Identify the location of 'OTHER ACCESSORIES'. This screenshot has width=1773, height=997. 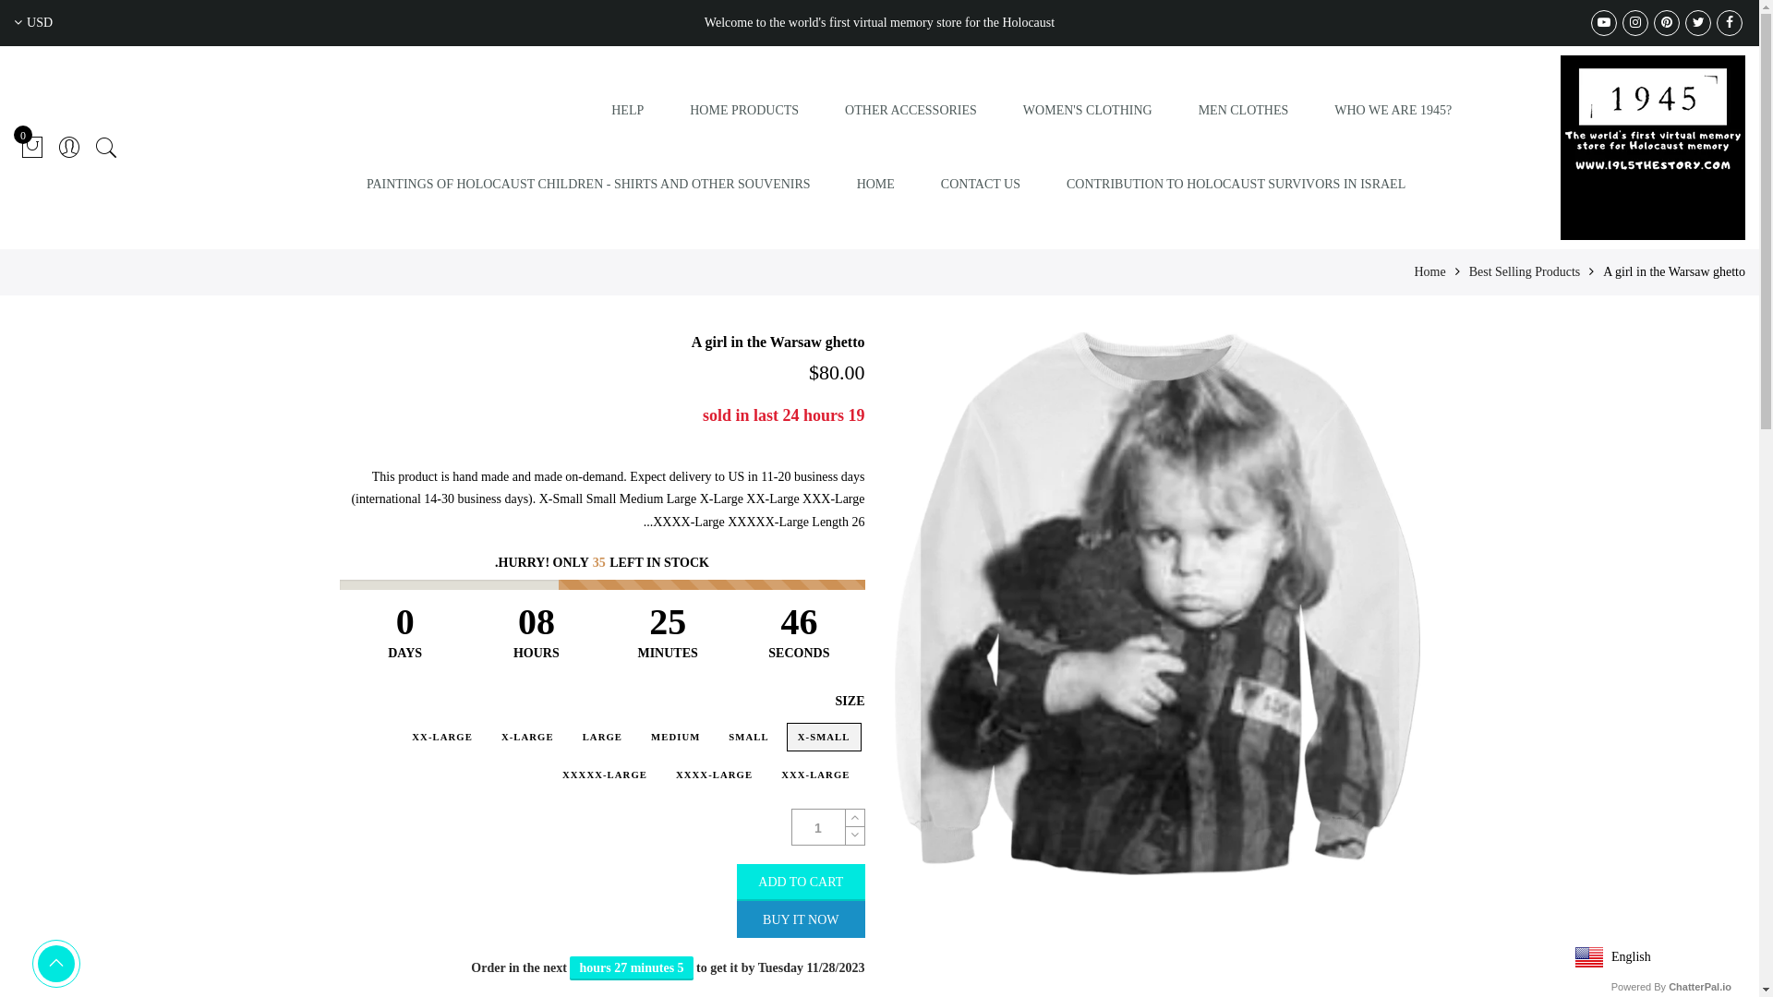
(844, 110).